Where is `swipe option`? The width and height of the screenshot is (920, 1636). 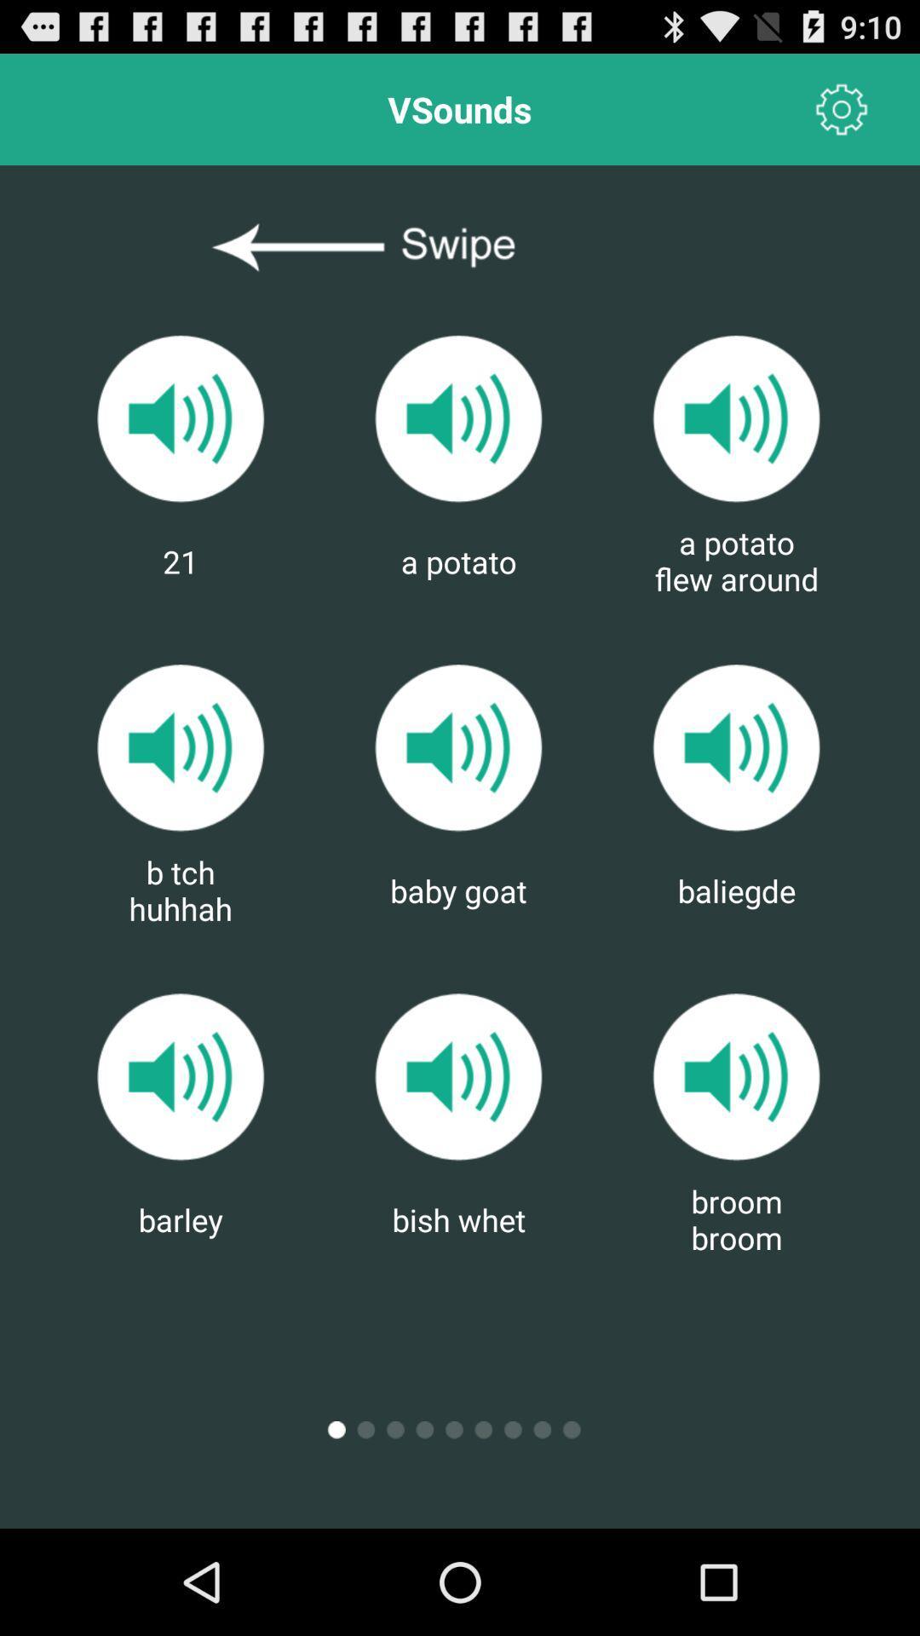
swipe option is located at coordinates (458, 247).